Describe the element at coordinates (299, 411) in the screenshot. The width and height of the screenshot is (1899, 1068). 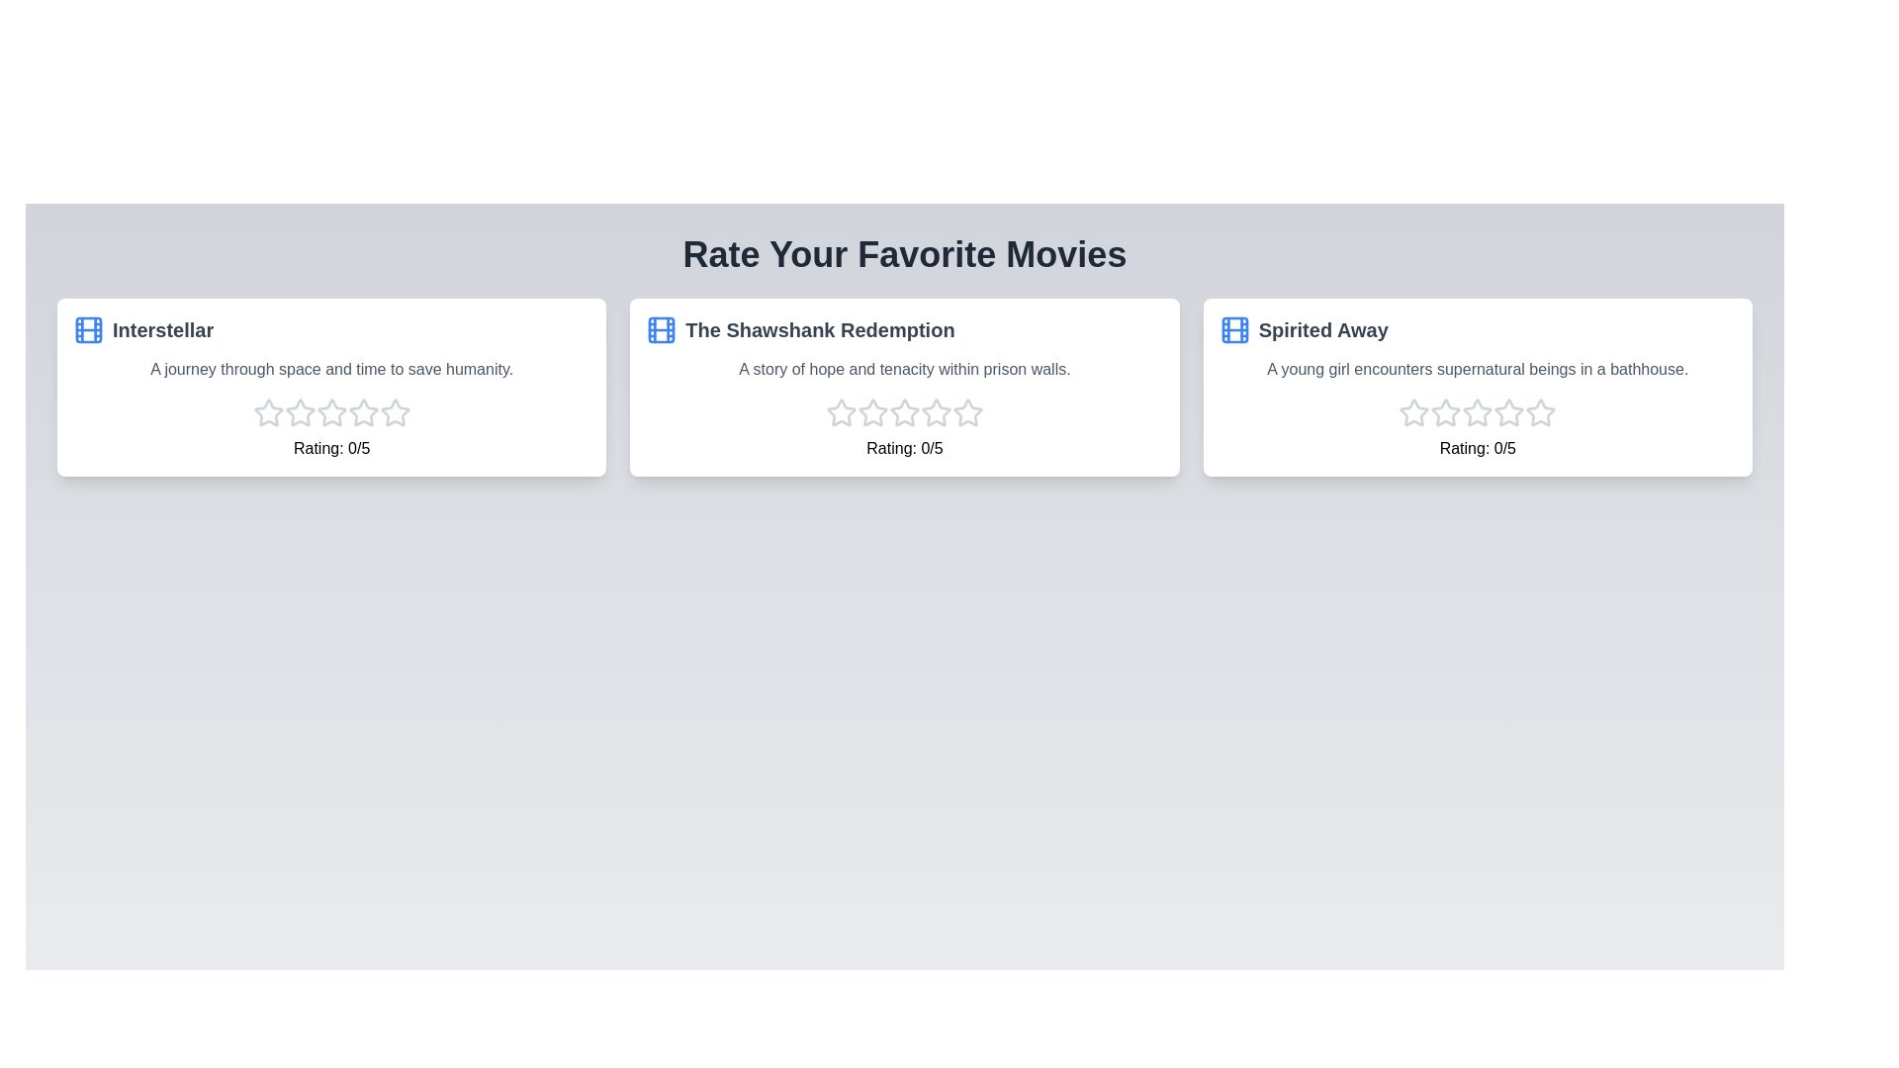
I see `the star corresponding to the 2 rating for the movie Interstellar` at that location.